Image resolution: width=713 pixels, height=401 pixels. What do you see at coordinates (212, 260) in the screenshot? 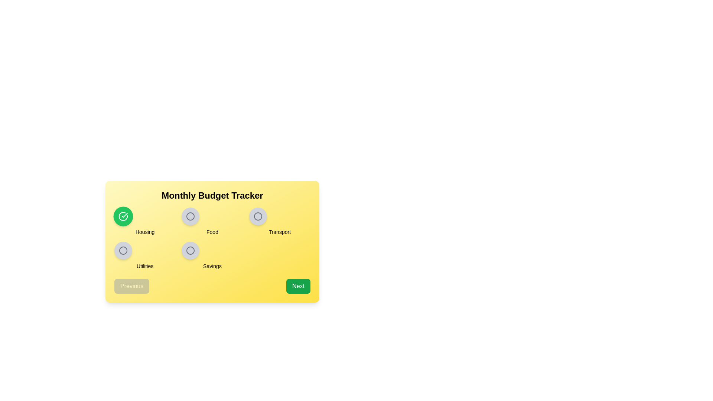
I see `the category icons within the budget tracker overview interface` at bounding box center [212, 260].